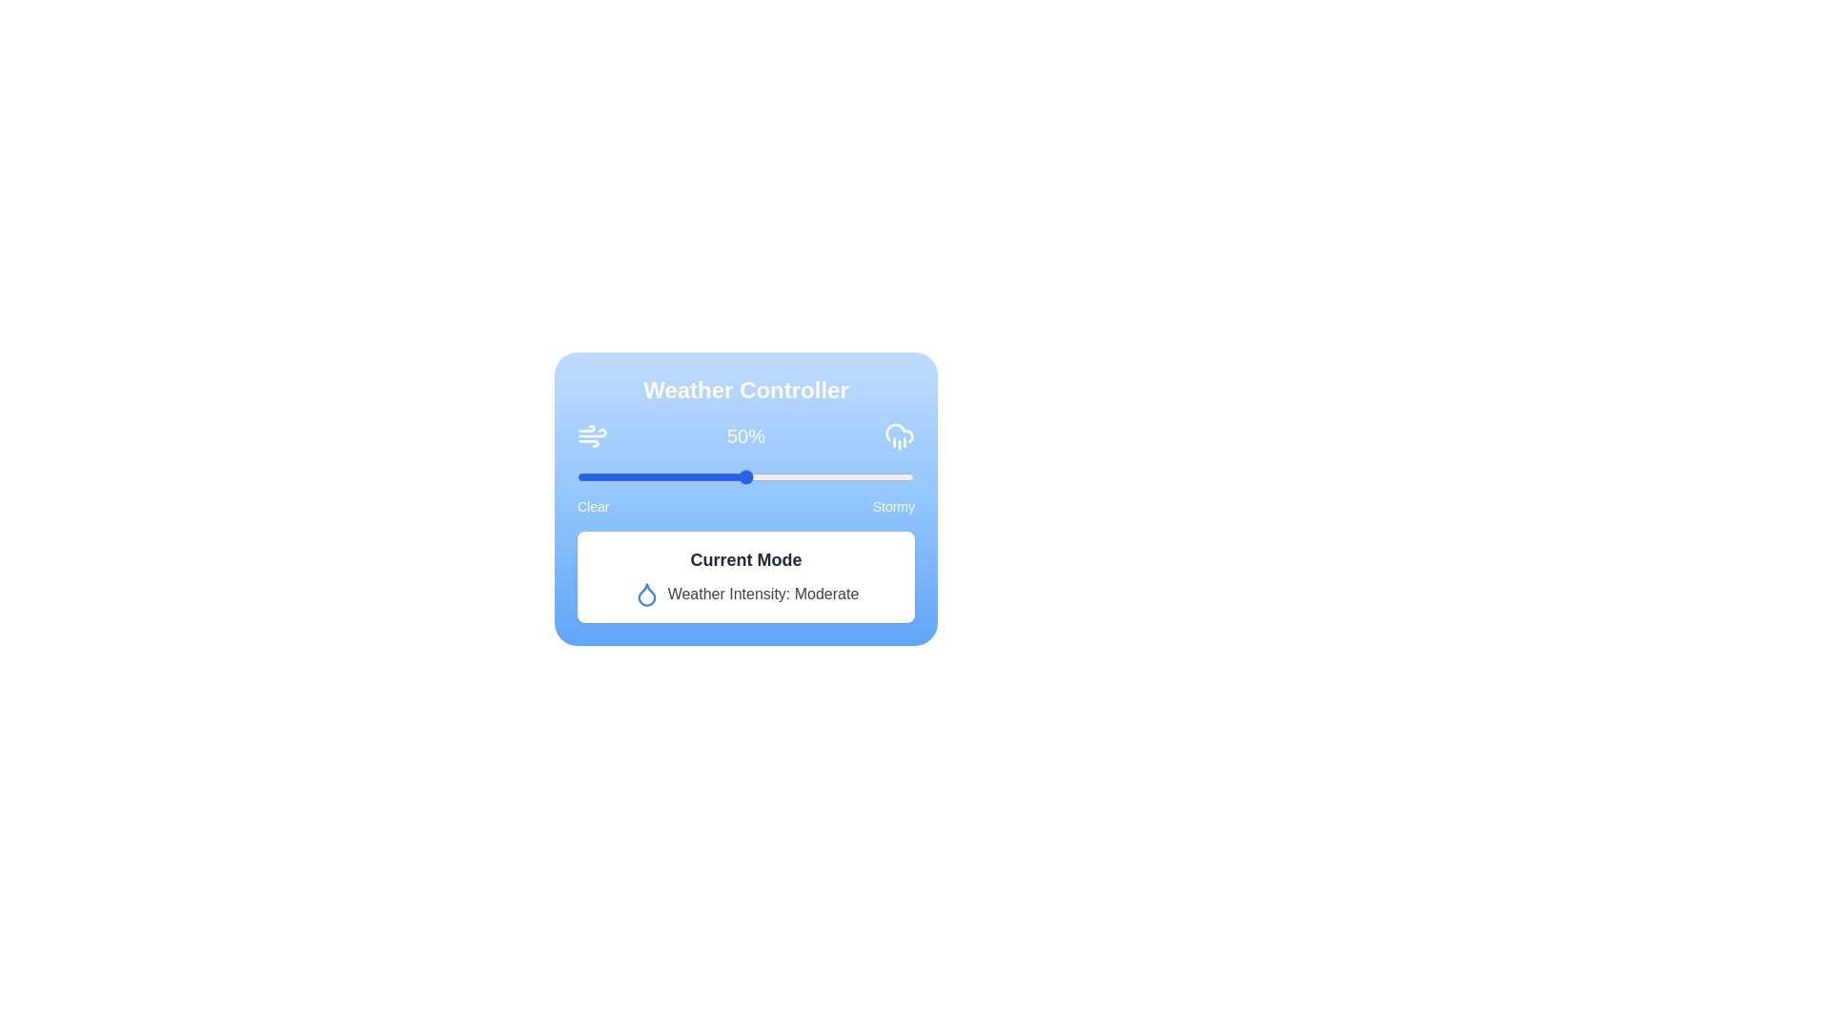 The image size is (1830, 1029). What do you see at coordinates (893, 476) in the screenshot?
I see `the slider to set the weather intensity to 94%` at bounding box center [893, 476].